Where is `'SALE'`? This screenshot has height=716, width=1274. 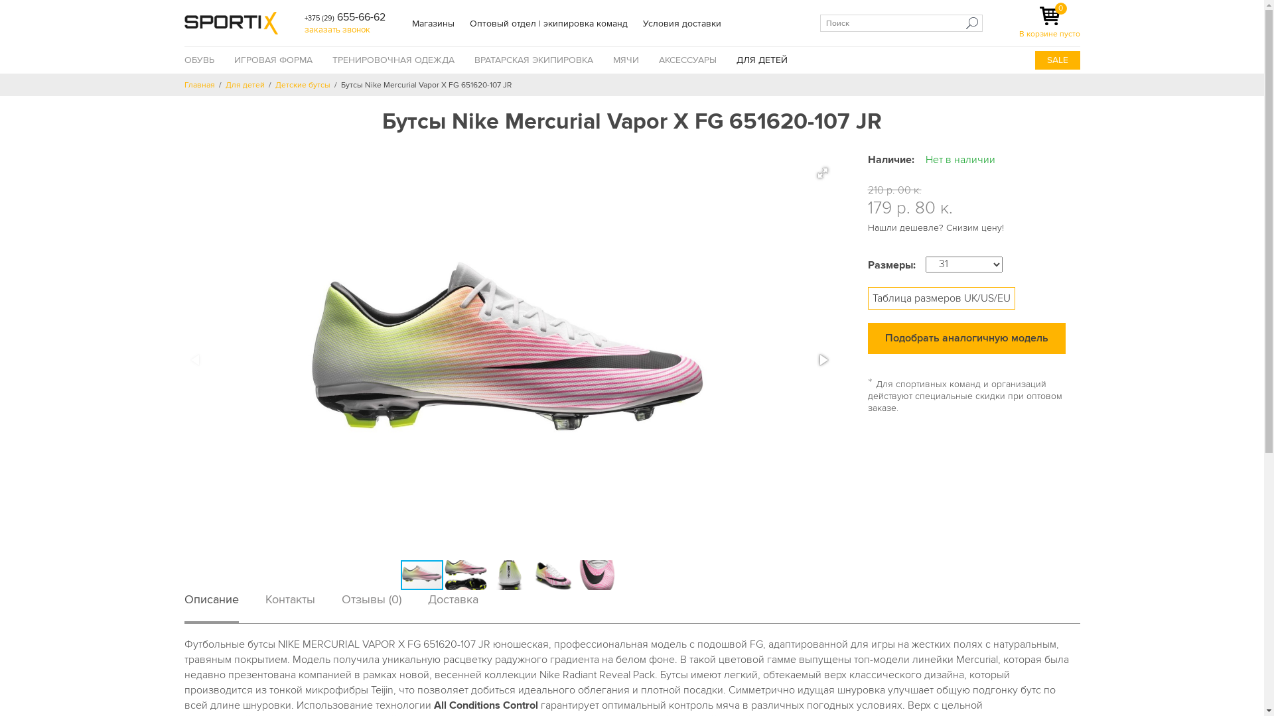 'SALE' is located at coordinates (1034, 58).